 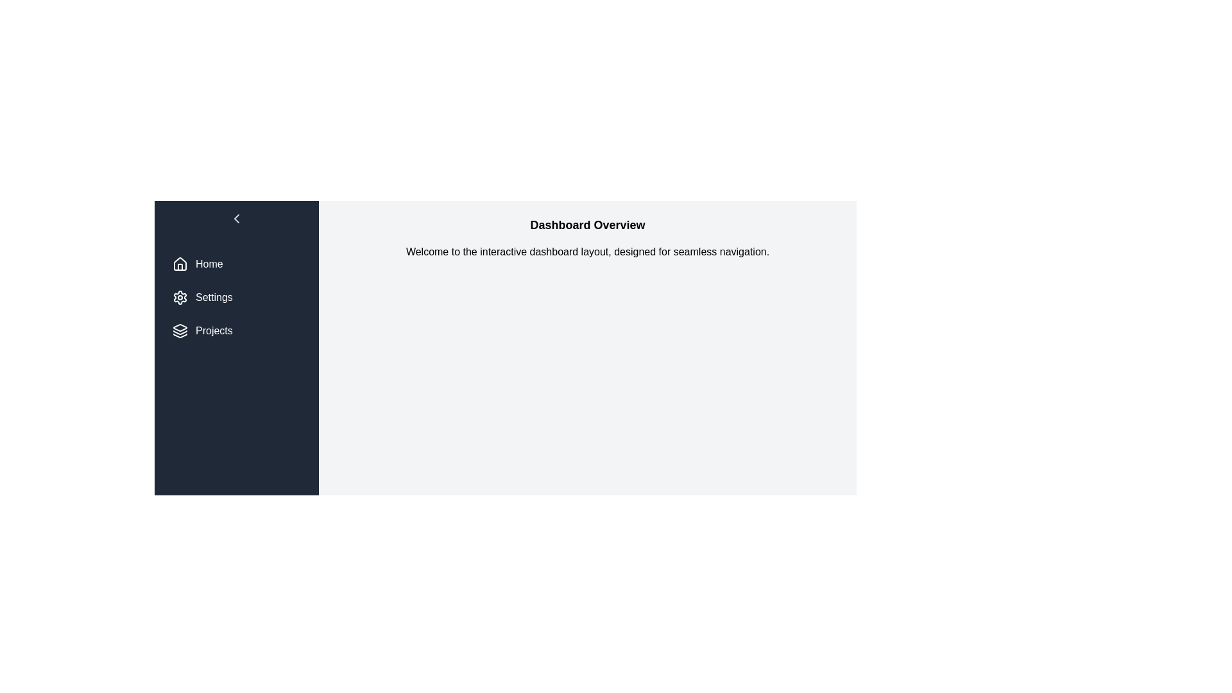 I want to click on the settings button located in the vertical navigation menu, which is the second item below 'Home' and above 'Projects', so click(x=237, y=297).